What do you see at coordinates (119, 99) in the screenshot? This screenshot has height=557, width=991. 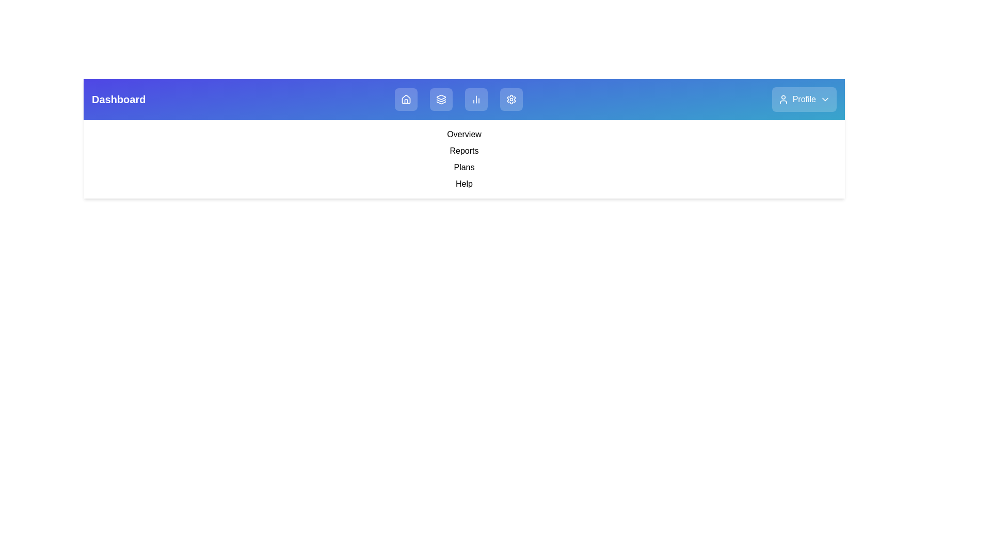 I see `the title text 'Dashboard'` at bounding box center [119, 99].